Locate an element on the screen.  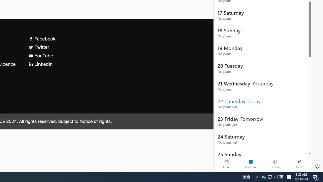
'Selected calendar module. Date today is 22' is located at coordinates (251, 164).